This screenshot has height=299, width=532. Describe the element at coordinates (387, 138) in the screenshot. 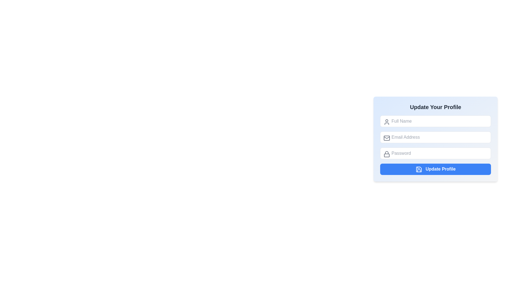

I see `the static envelope icon located on the left side of the 'Email Address' input field, which is styled with a gray color and positioned in the second row of the form` at that location.